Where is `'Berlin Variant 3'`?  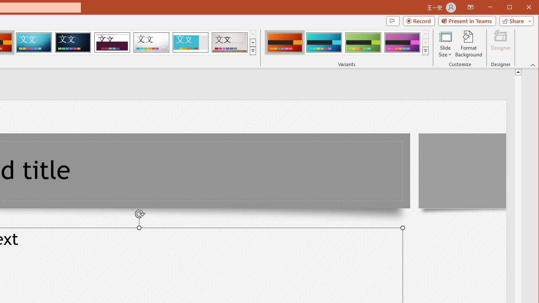 'Berlin Variant 3' is located at coordinates (363, 42).